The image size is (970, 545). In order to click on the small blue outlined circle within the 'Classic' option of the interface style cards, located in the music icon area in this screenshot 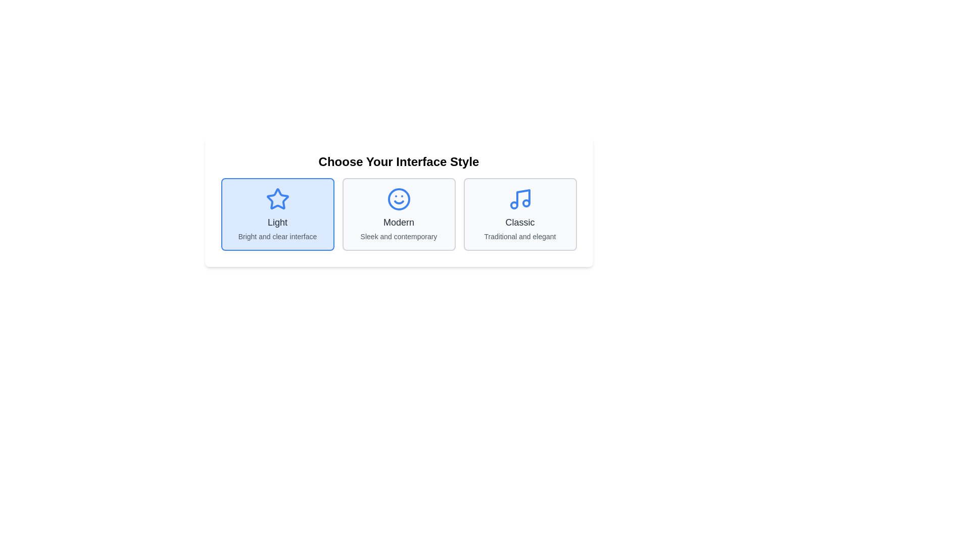, I will do `click(514, 205)`.